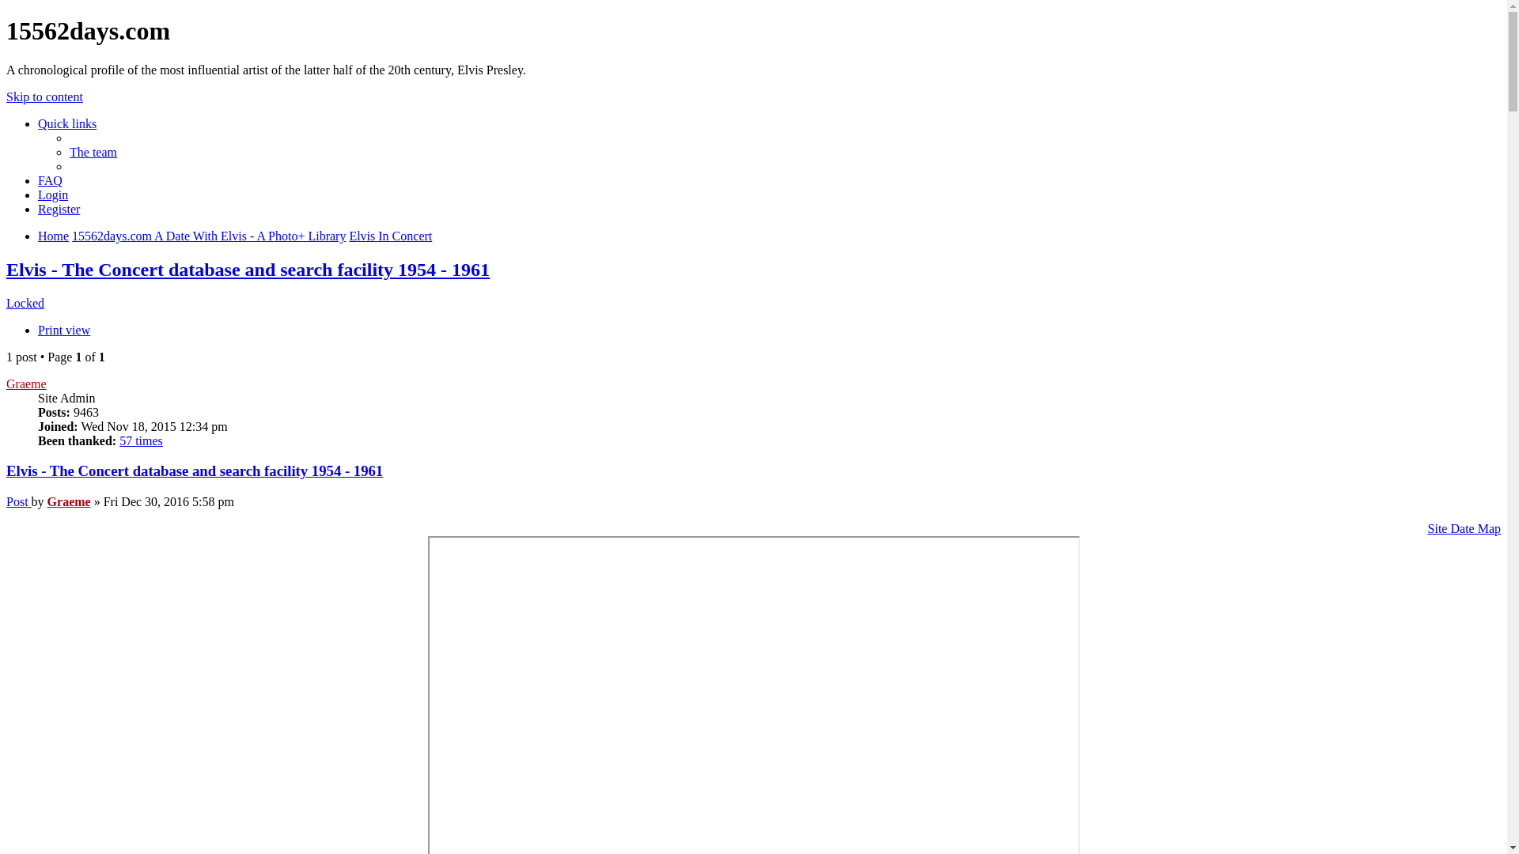 The width and height of the screenshot is (1519, 854). I want to click on 'The team', so click(68, 152).